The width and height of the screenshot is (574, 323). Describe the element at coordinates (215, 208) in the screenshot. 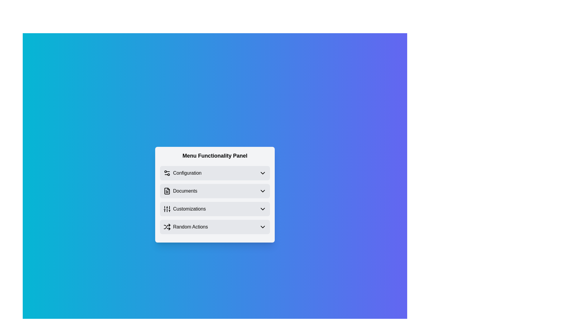

I see `the menu item Customizations to observe its hover effect` at that location.